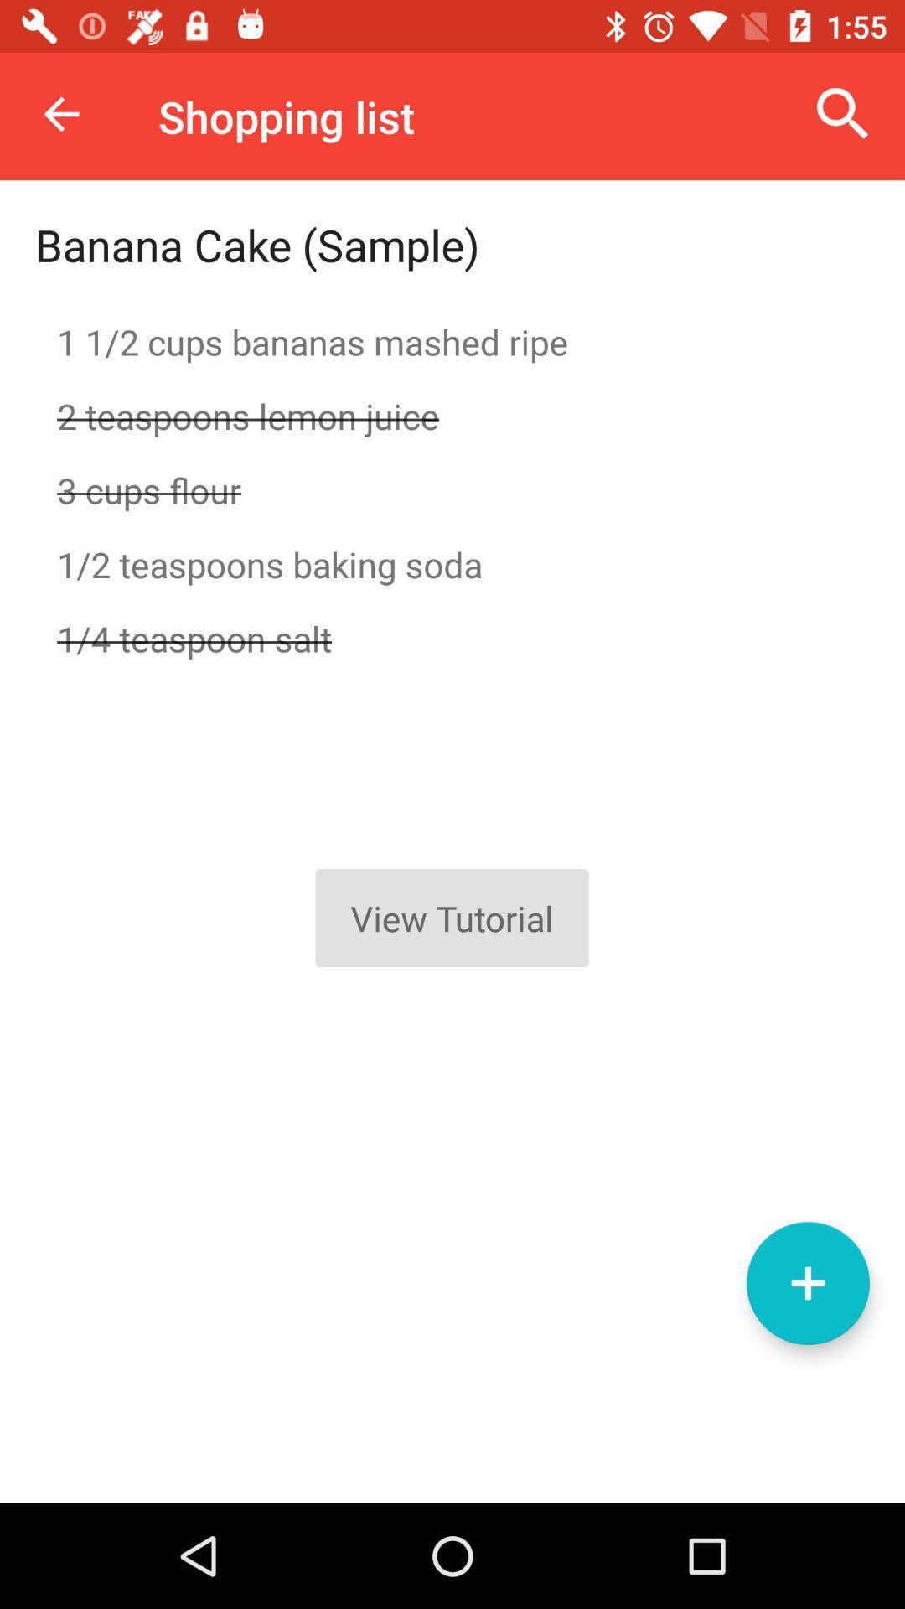  I want to click on item next to shopping list, so click(60, 113).